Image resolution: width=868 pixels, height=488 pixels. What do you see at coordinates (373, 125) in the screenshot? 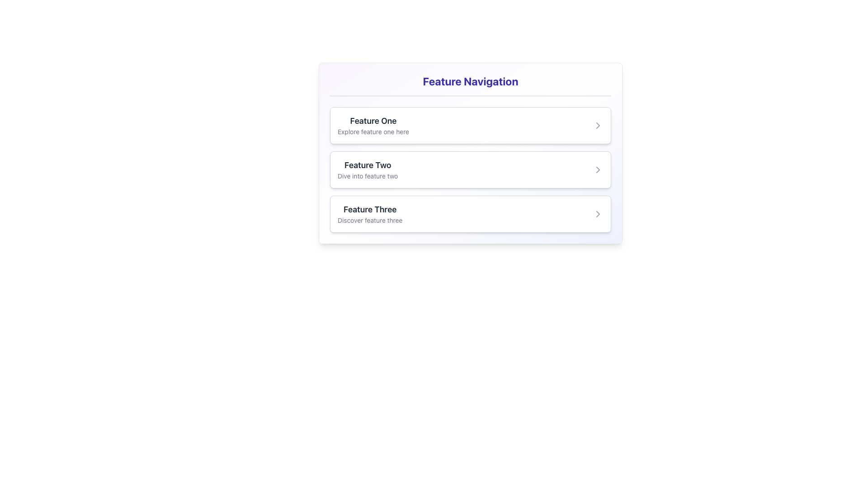
I see `the Text Display element titled 'Feature One' with the subtitle 'Explore feature one here,' located in the first card under the 'Feature Navigation' section` at bounding box center [373, 125].